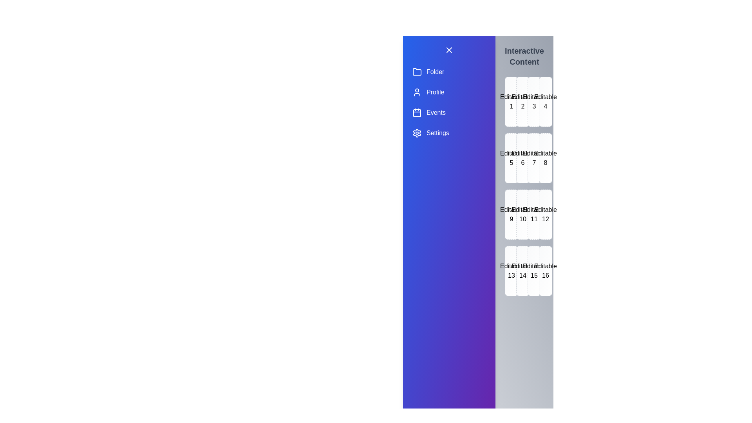 The image size is (752, 423). Describe the element at coordinates (449, 132) in the screenshot. I see `the Settings section in the drawer menu` at that location.